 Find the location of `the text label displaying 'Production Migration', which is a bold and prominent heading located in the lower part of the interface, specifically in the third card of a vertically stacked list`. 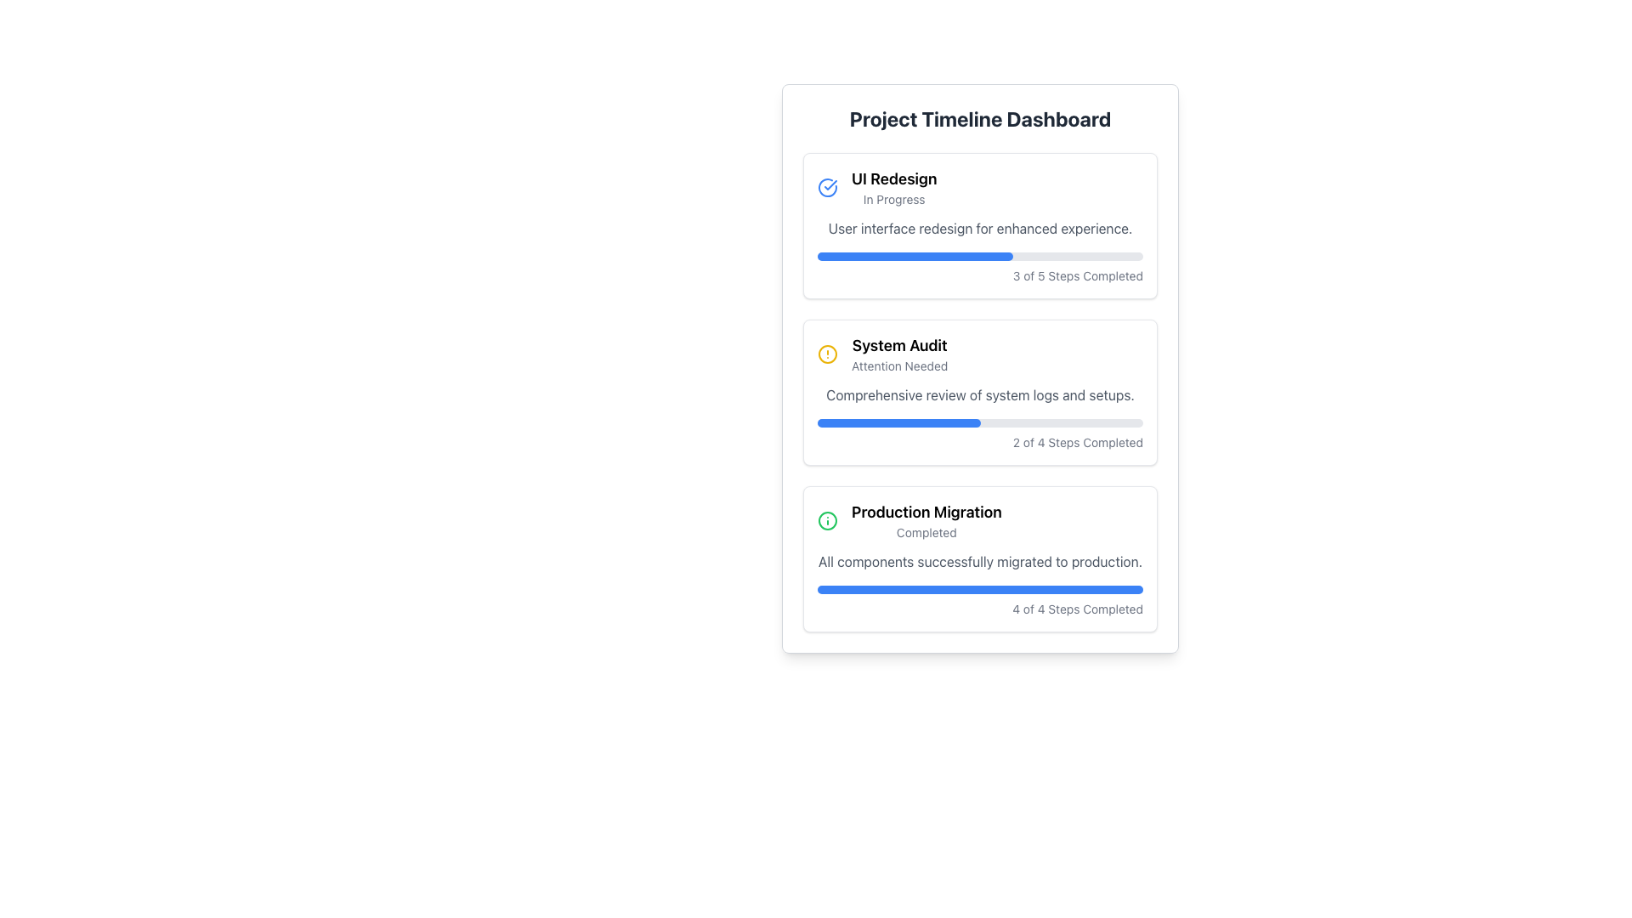

the text label displaying 'Production Migration', which is a bold and prominent heading located in the lower part of the interface, specifically in the third card of a vertically stacked list is located at coordinates (926, 511).